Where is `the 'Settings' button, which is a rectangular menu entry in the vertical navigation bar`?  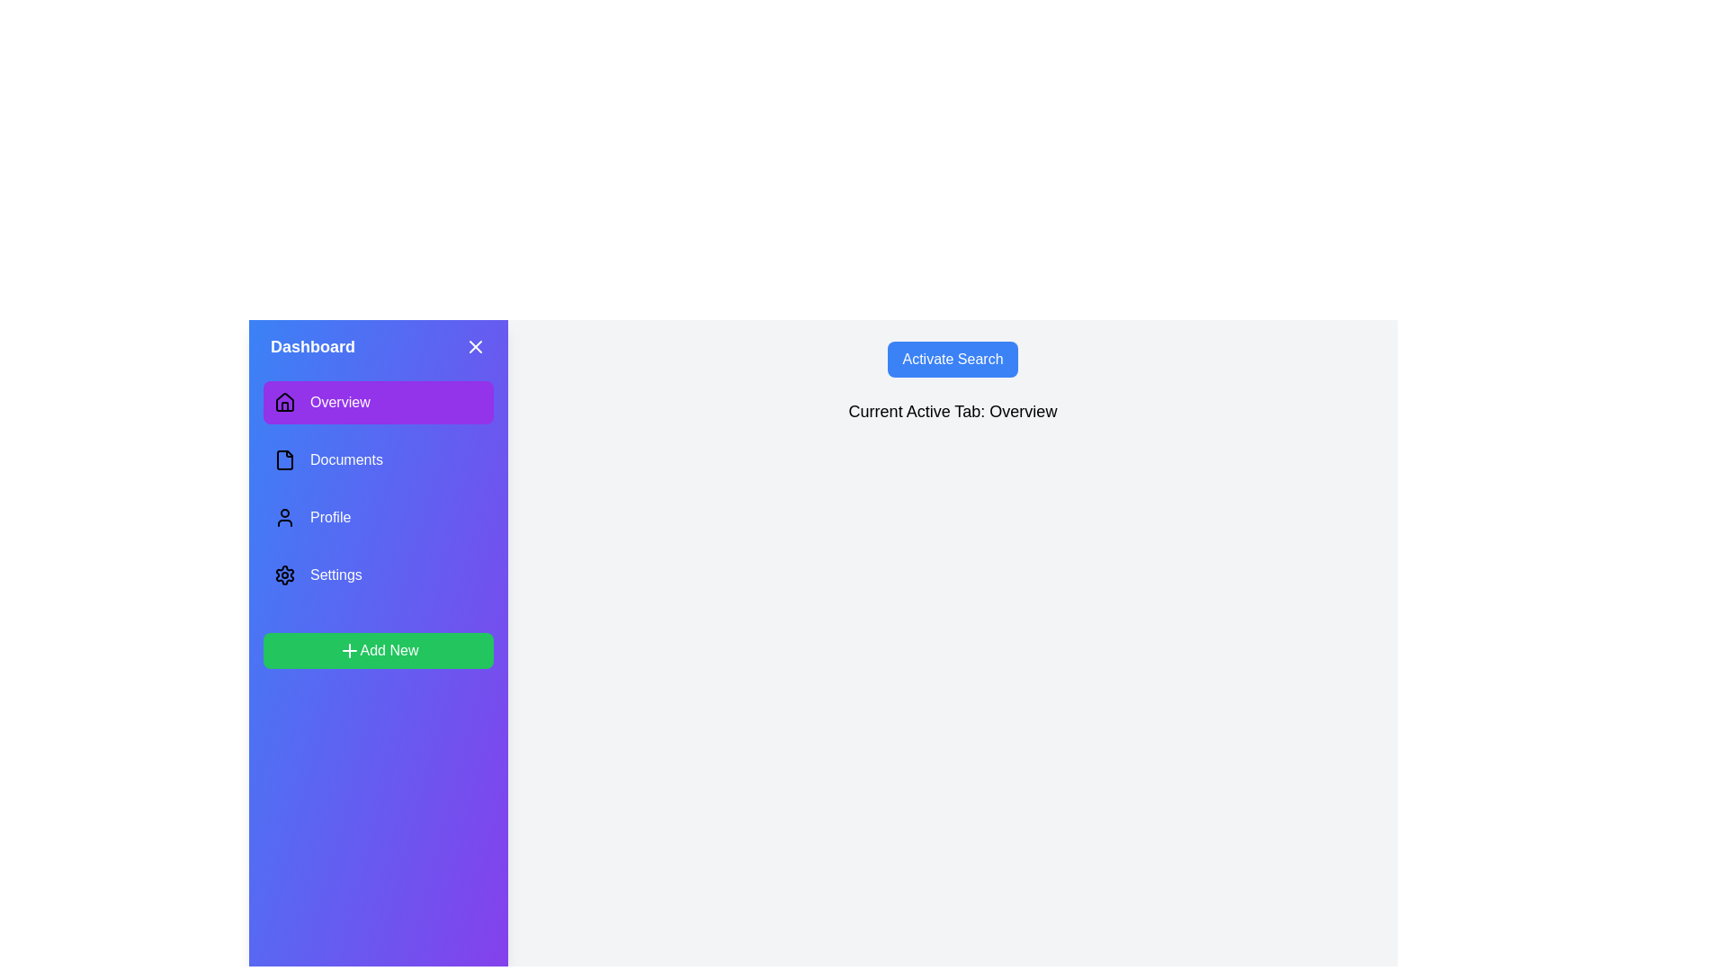 the 'Settings' button, which is a rectangular menu entry in the vertical navigation bar is located at coordinates (378, 575).